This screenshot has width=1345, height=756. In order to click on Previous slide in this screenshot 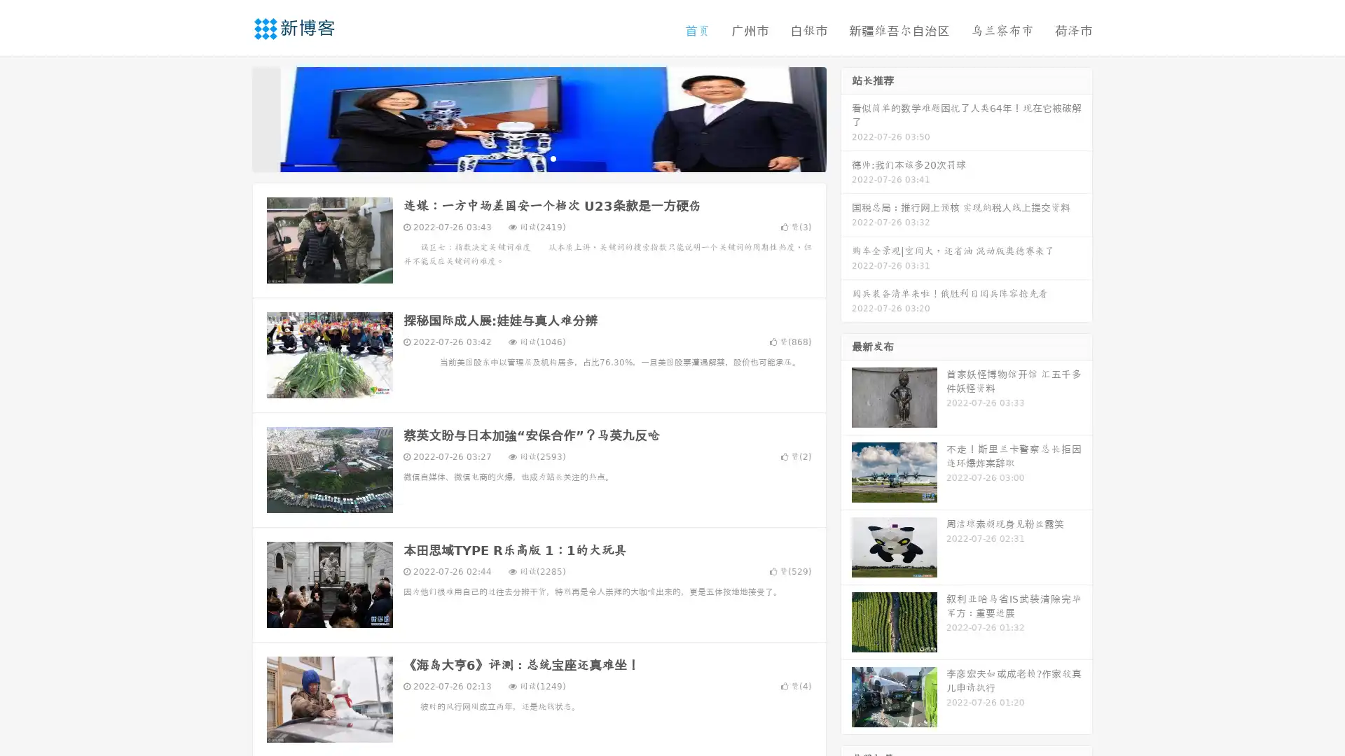, I will do `click(231, 118)`.